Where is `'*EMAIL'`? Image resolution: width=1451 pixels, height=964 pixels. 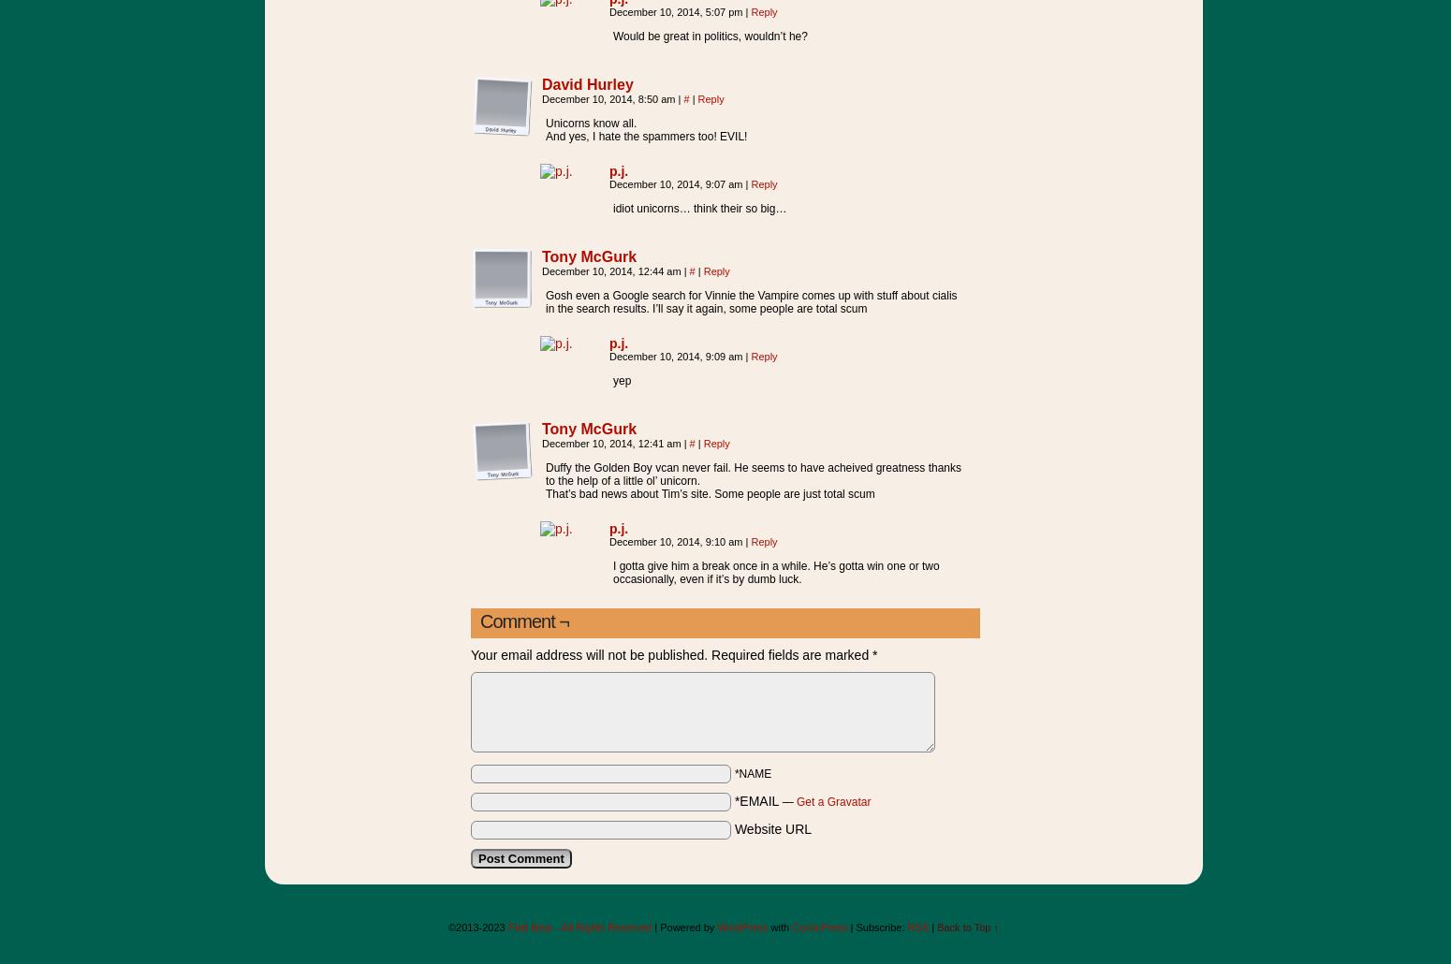 '*EMAIL' is located at coordinates (732, 800).